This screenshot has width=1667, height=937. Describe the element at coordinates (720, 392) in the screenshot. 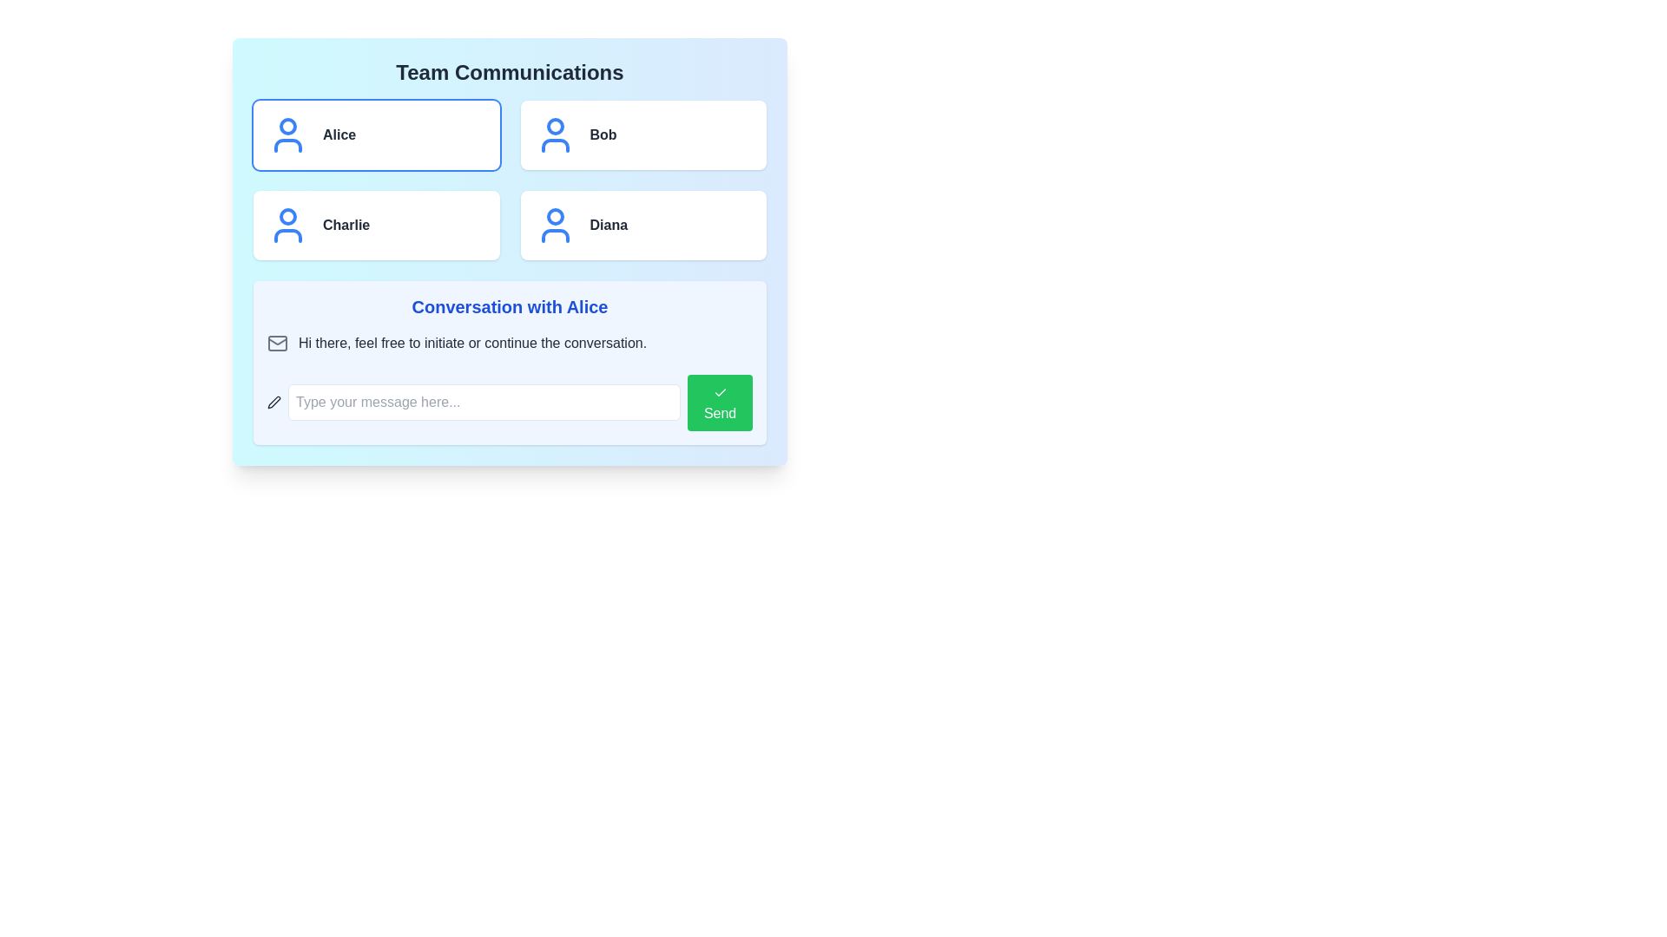

I see `the checkmark icon located inside the green 'Send' button, positioned near its left side, which indicates success or confirmation after sending a message` at that location.